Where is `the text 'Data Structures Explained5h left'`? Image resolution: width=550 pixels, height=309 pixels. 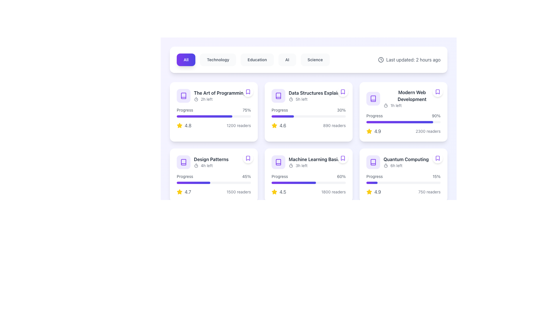
the text 'Data Structures Explained5h left' is located at coordinates (317, 96).